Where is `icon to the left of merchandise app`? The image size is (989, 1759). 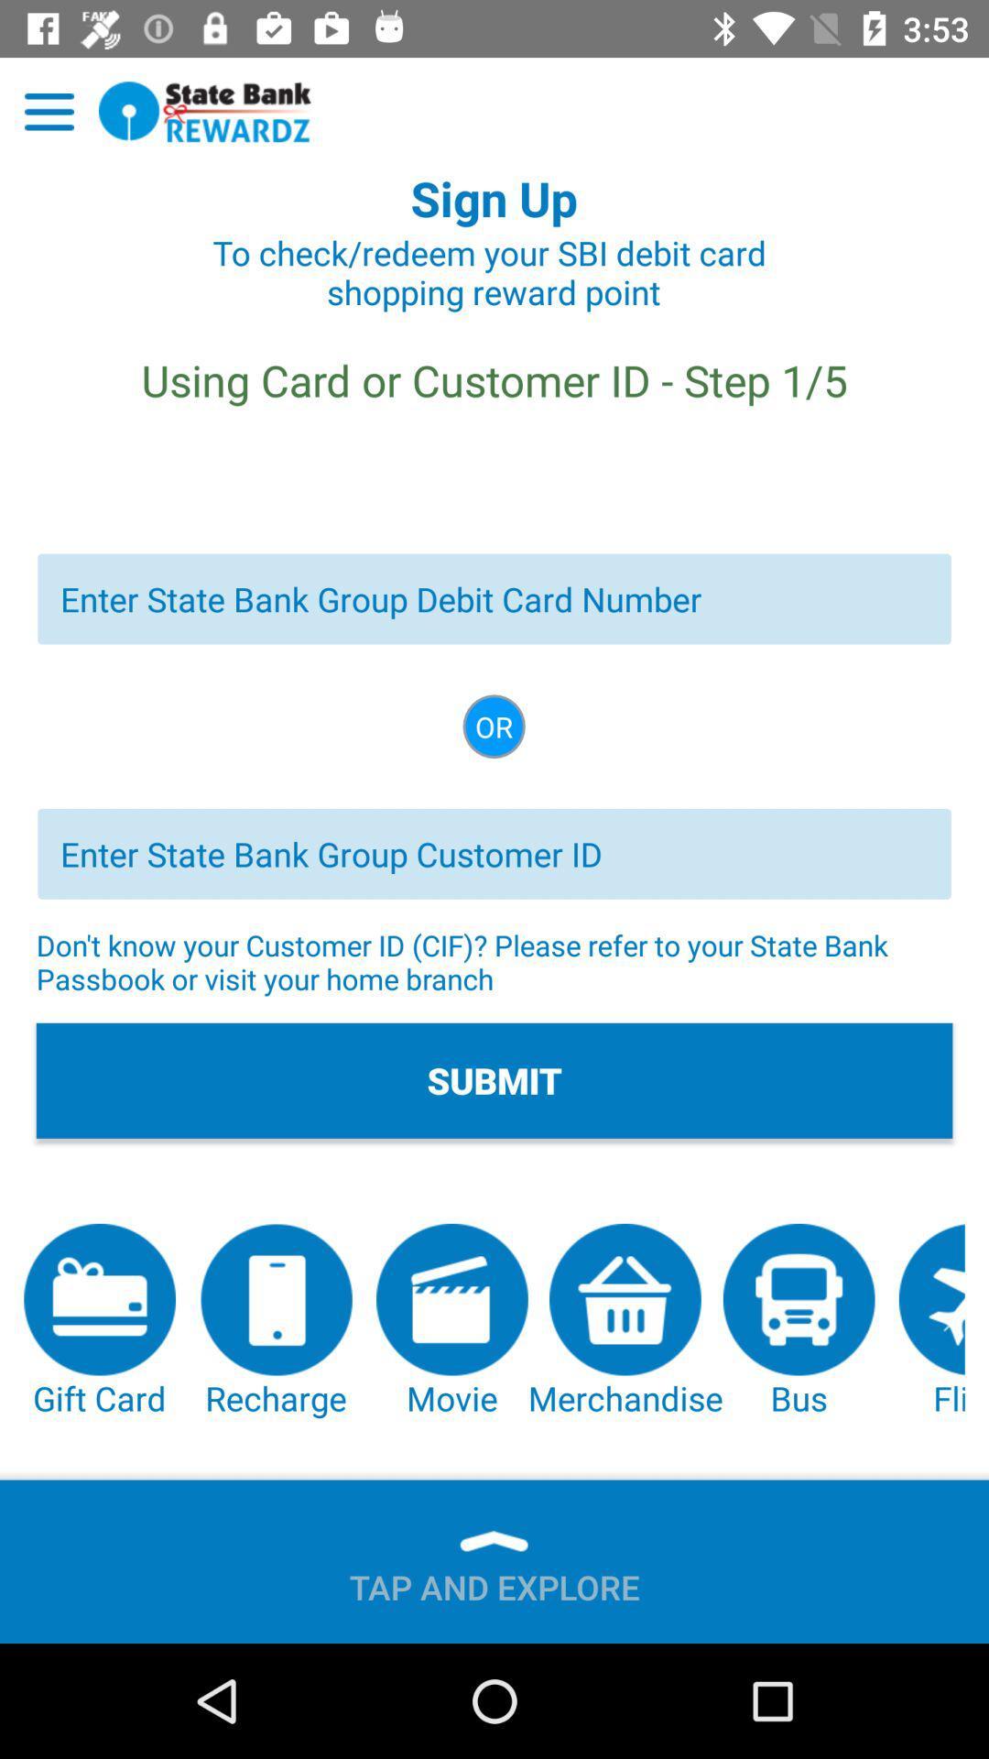
icon to the left of merchandise app is located at coordinates (451, 1322).